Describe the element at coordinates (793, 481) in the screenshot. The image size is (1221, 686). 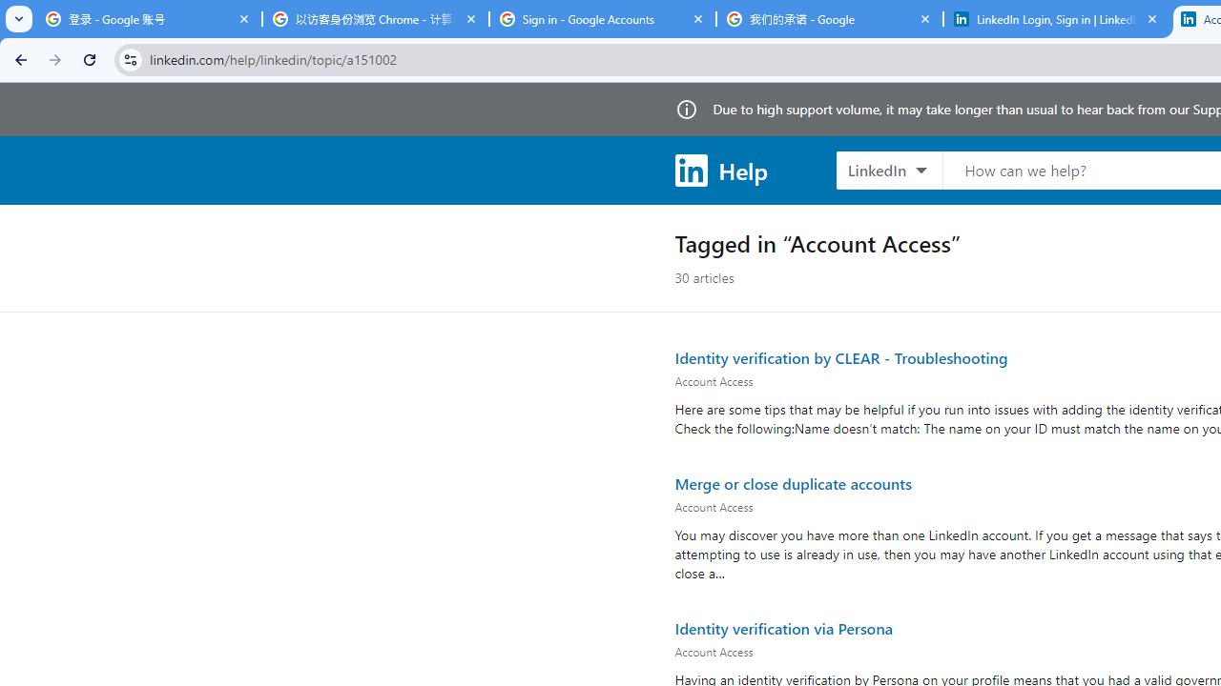
I see `'Merge or close duplicate accounts'` at that location.